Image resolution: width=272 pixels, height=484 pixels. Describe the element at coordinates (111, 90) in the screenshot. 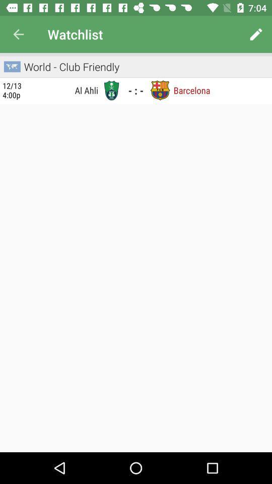

I see `item next to the al ahli icon` at that location.